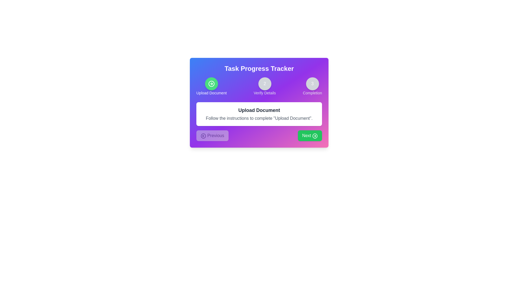 The height and width of the screenshot is (292, 520). I want to click on the 'Next' button to proceed to the next step, so click(310, 135).